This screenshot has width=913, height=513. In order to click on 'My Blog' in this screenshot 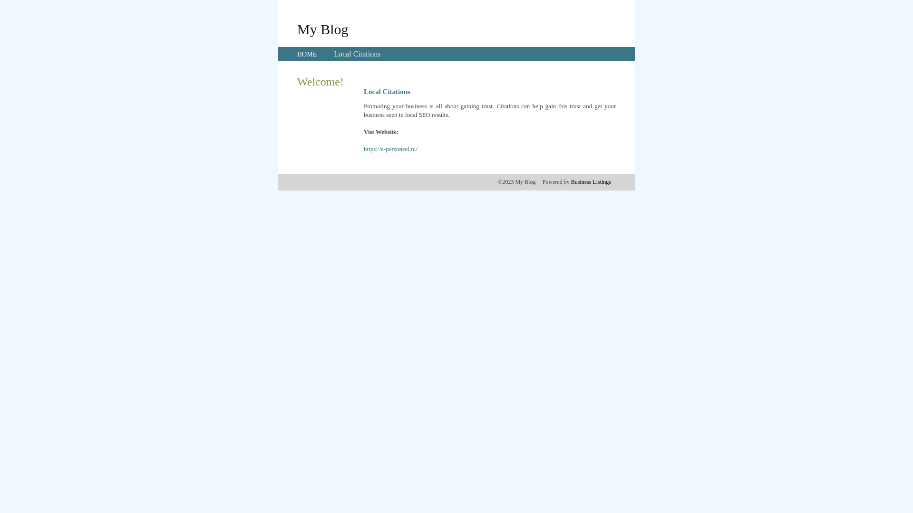, I will do `click(296, 28)`.